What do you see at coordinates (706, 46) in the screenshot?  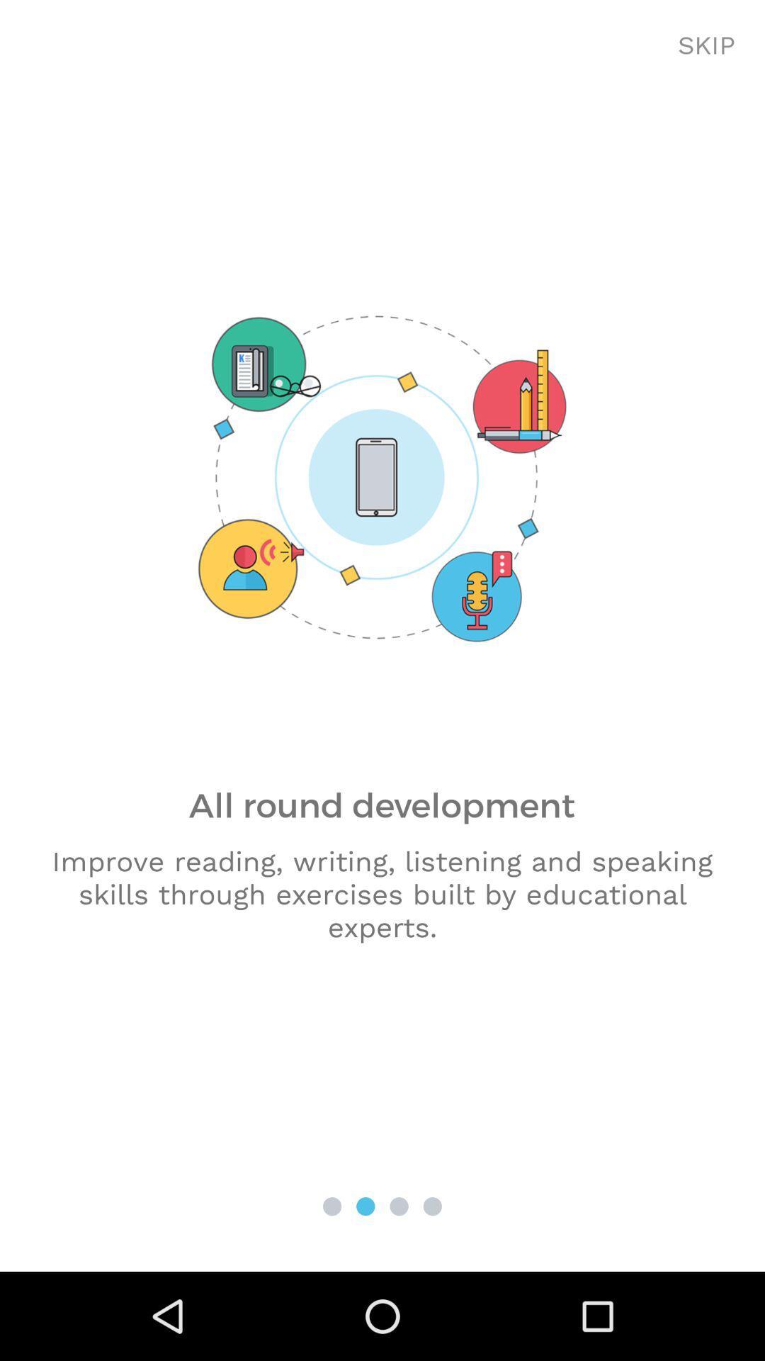 I see `the skip` at bounding box center [706, 46].